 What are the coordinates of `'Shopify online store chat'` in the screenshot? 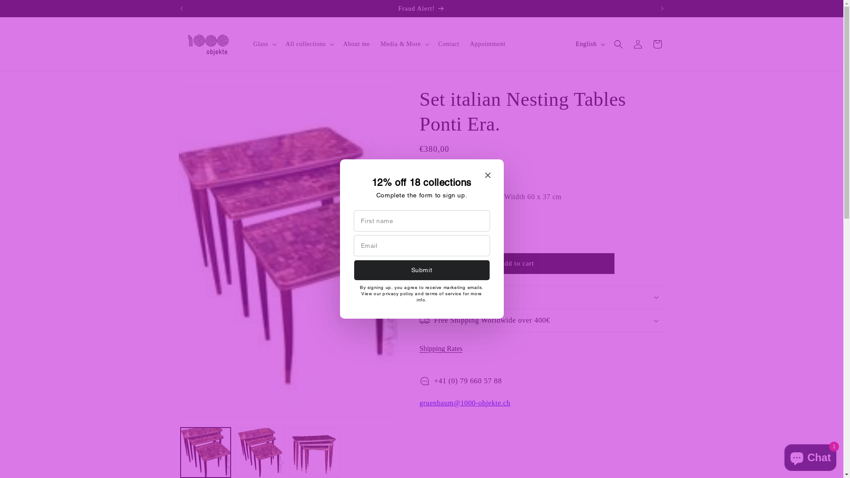 It's located at (810, 455).